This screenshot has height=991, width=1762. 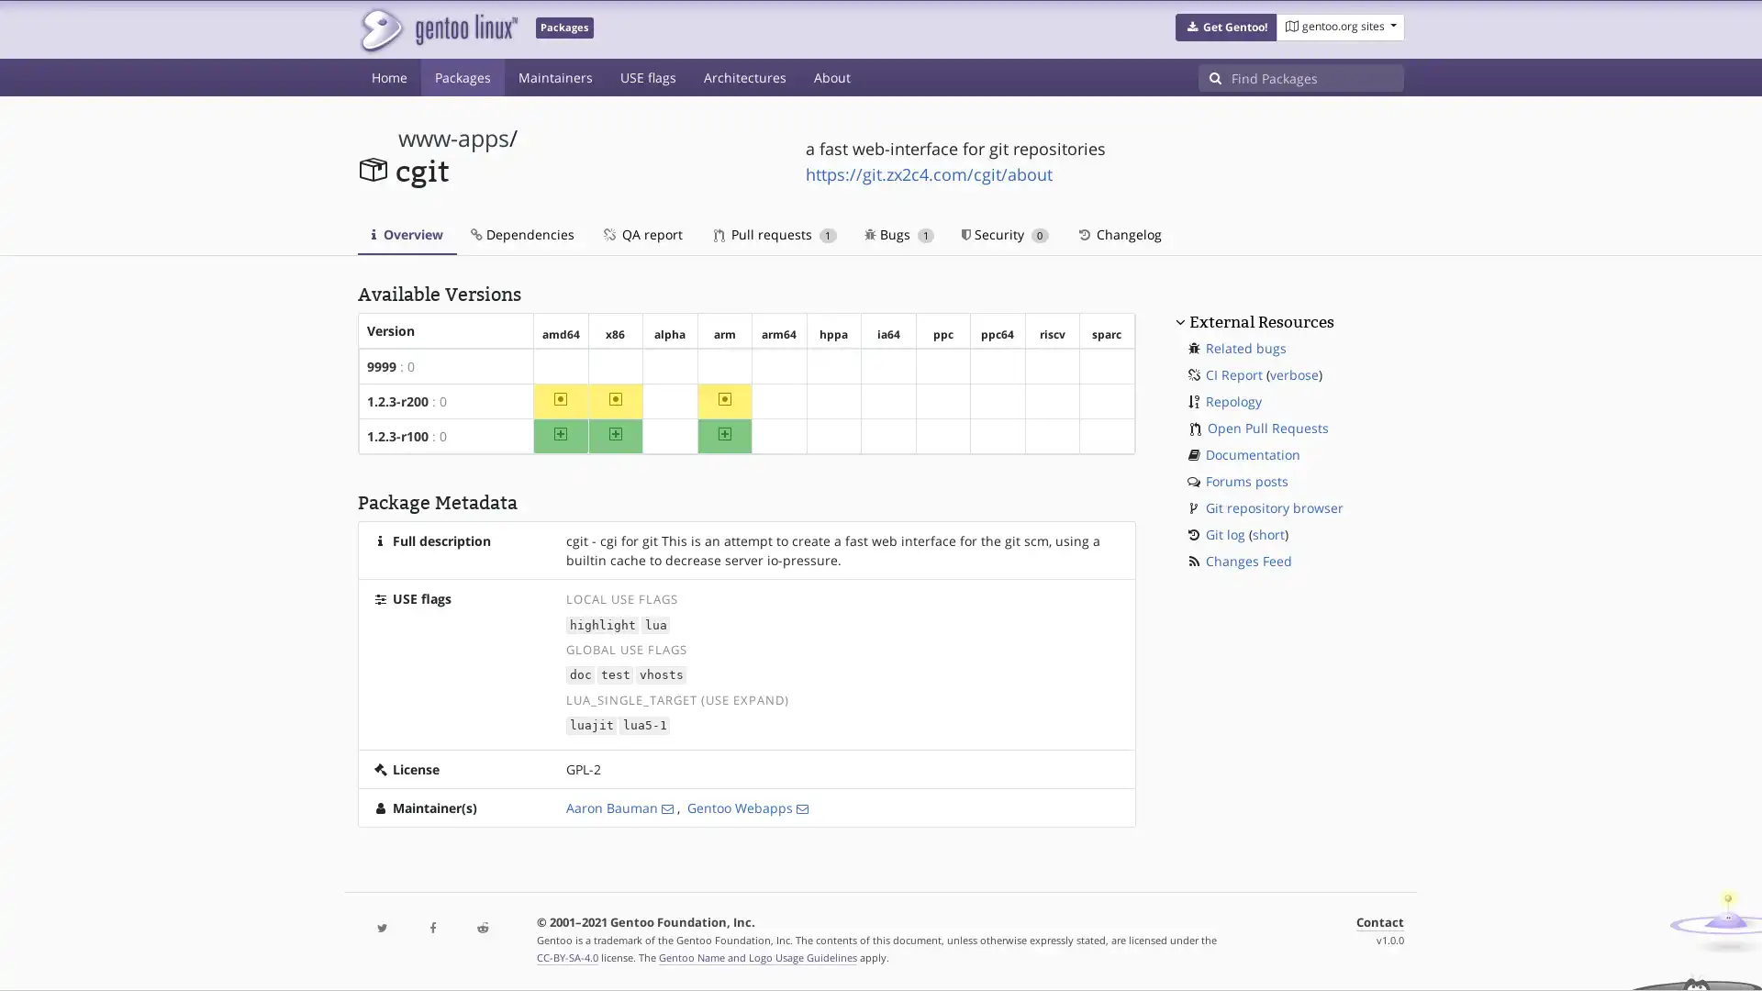 I want to click on Get Gentoo!, so click(x=1225, y=28).